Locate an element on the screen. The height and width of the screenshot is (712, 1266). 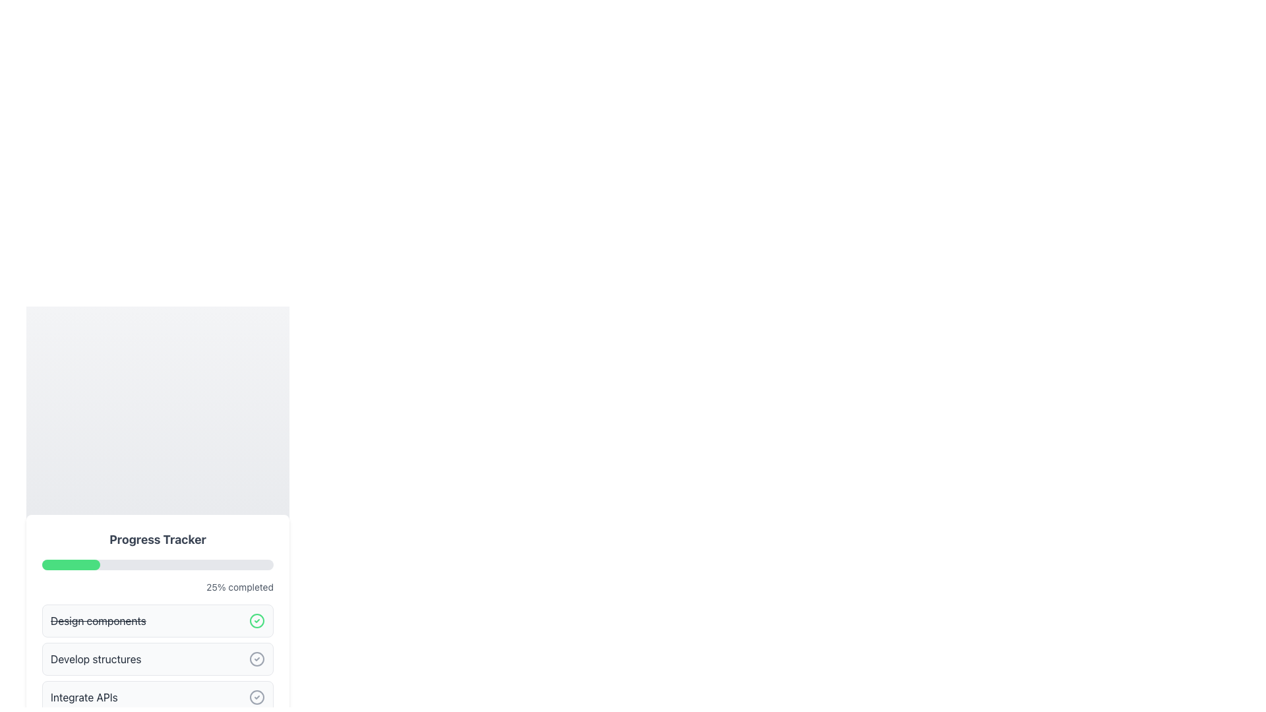
the circular status indicator icon located near the 'Integrate APIs' text in the progress tracker section to interact with the task is located at coordinates (256, 696).